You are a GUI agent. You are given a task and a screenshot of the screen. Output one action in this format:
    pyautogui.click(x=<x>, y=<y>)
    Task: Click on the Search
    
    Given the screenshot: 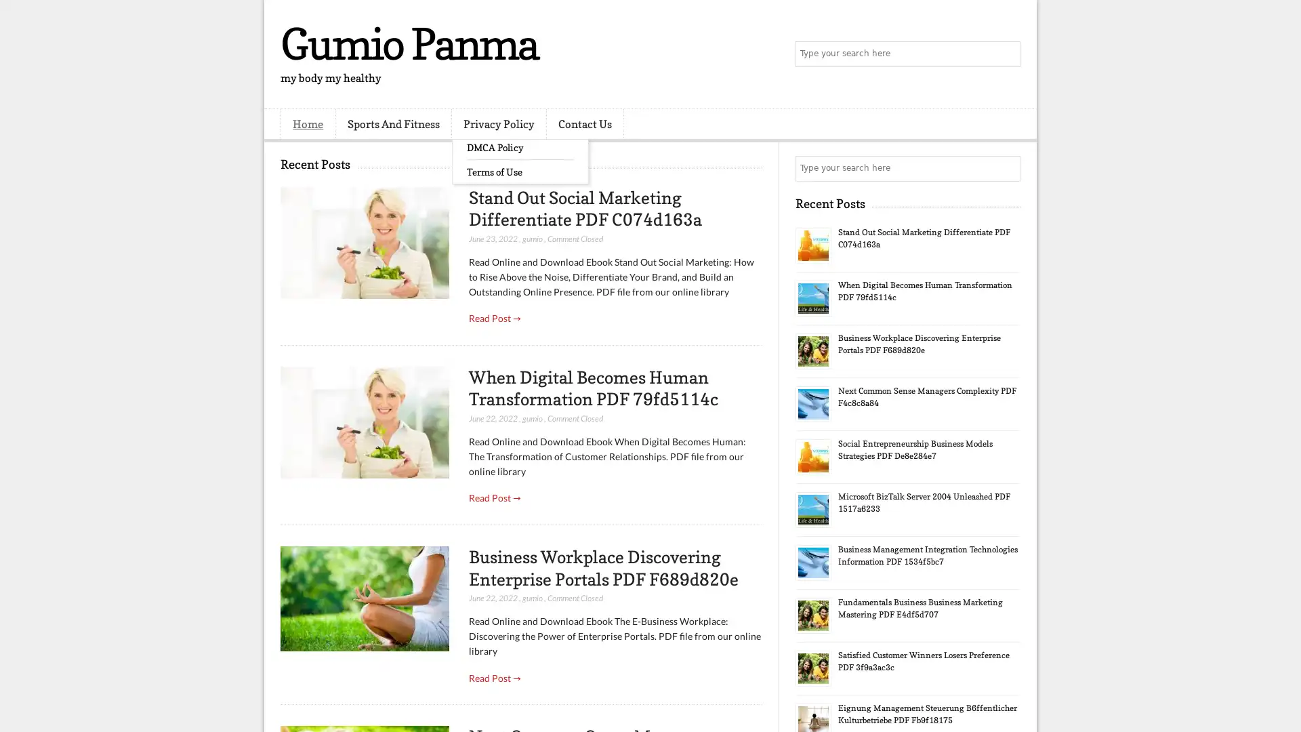 What is the action you would take?
    pyautogui.click(x=1006, y=168)
    